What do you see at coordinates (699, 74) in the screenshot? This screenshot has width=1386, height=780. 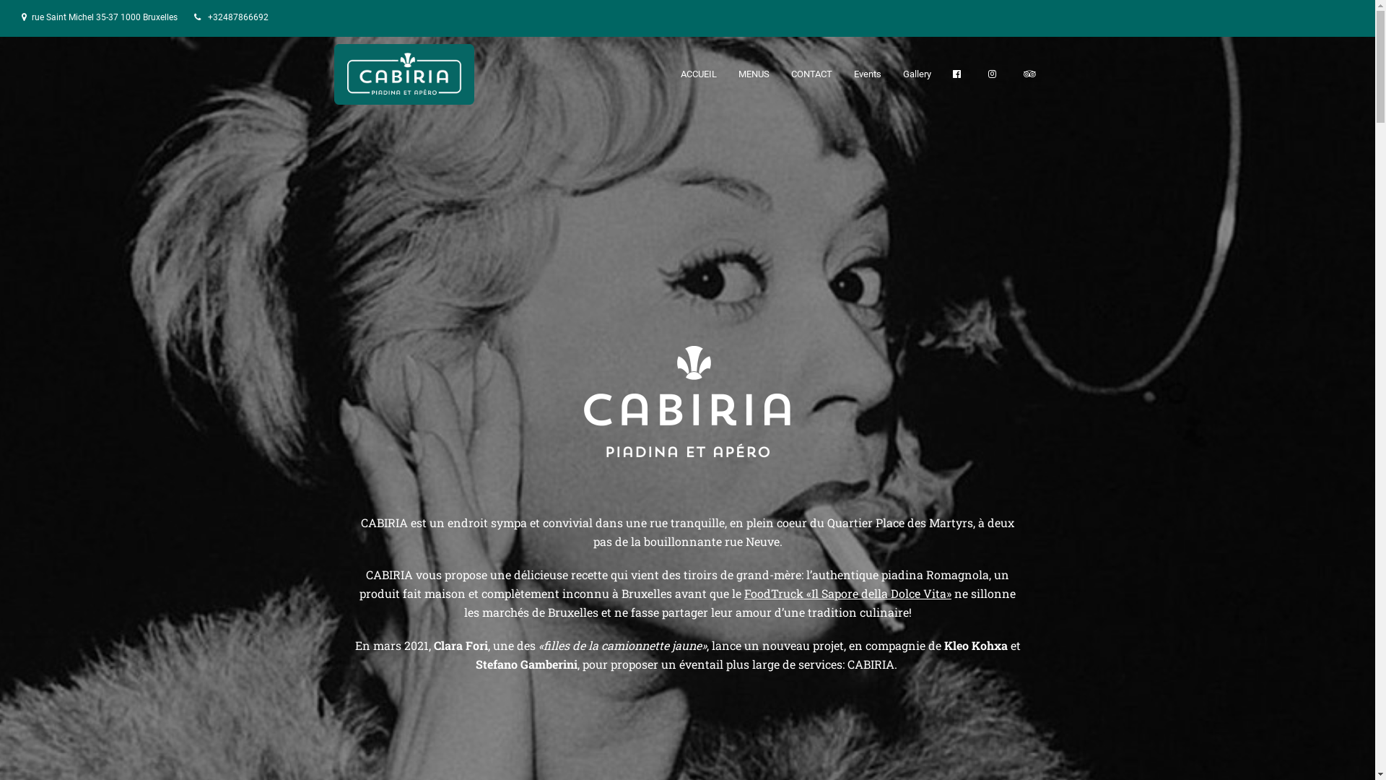 I see `'ACCUEIL'` at bounding box center [699, 74].